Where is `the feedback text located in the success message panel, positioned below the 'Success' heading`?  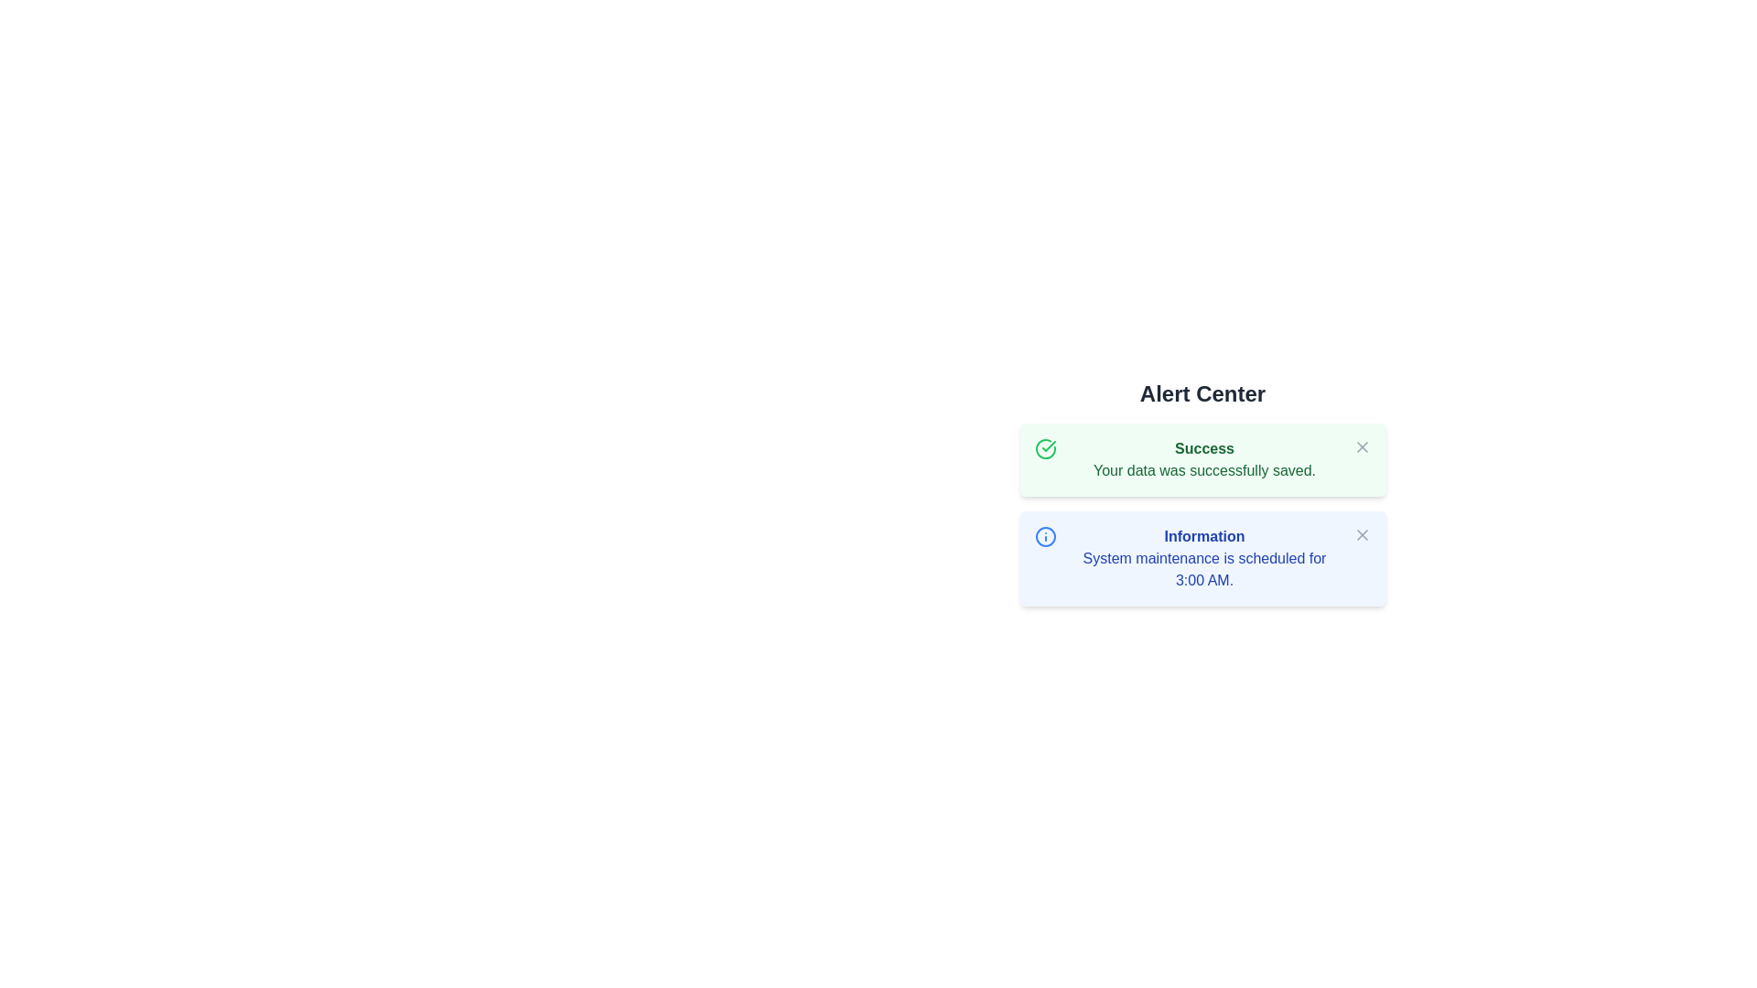
the feedback text located in the success message panel, positioned below the 'Success' heading is located at coordinates (1204, 470).